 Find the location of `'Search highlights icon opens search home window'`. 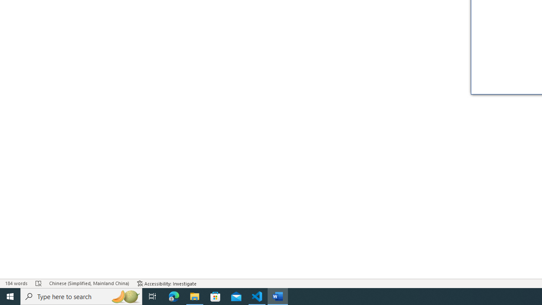

'Search highlights icon opens search home window' is located at coordinates (124, 296).